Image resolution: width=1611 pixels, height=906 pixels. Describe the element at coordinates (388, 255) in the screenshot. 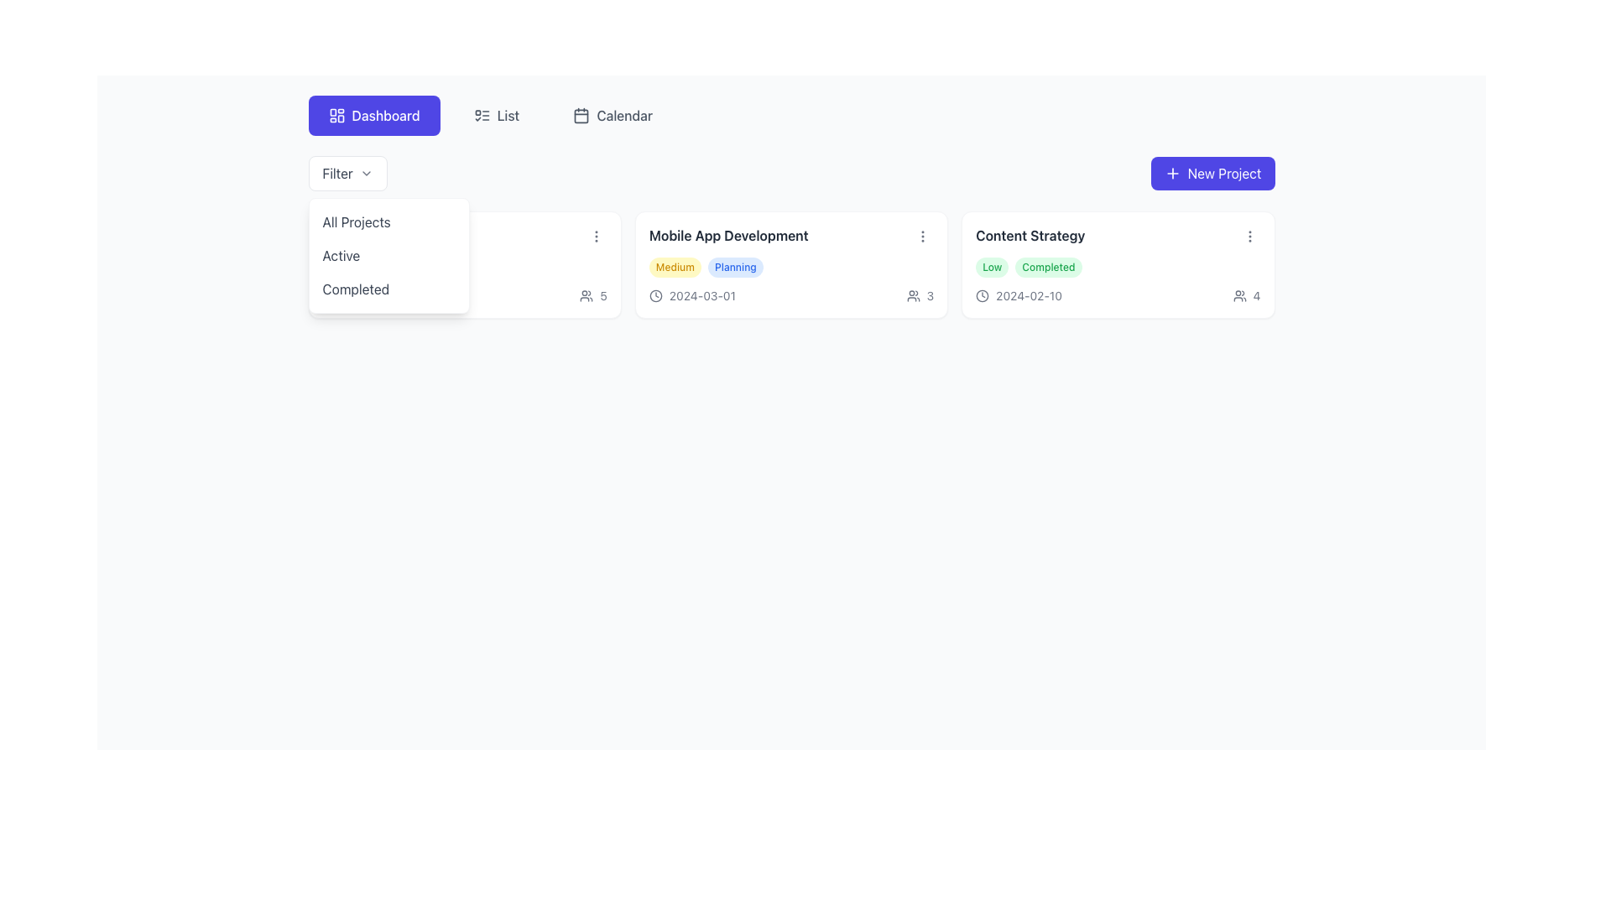

I see `the 'Active' button in the dropdown menu under the 'Filter' button` at that location.